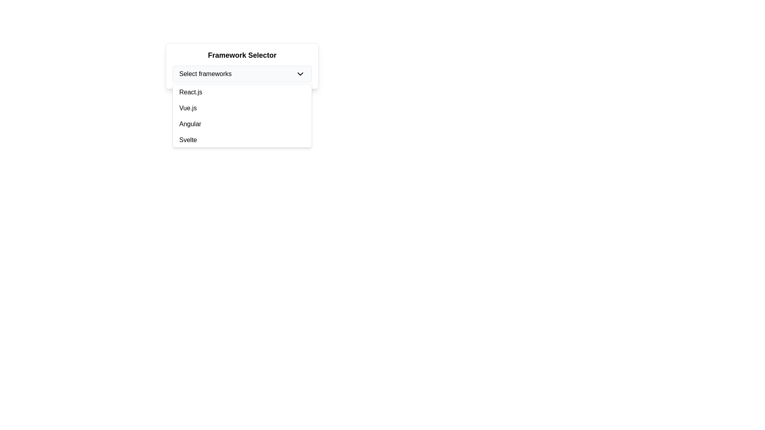  I want to click on the first entry in the dropdown menu, so click(242, 92).